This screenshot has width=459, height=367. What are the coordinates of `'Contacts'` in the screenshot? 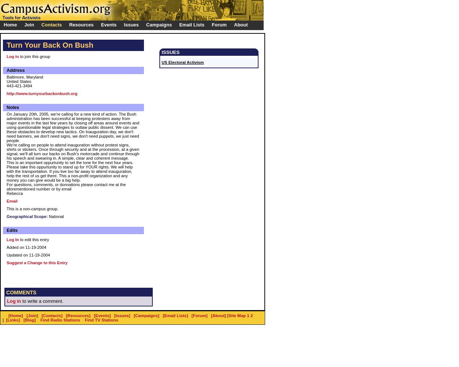 It's located at (41, 24).